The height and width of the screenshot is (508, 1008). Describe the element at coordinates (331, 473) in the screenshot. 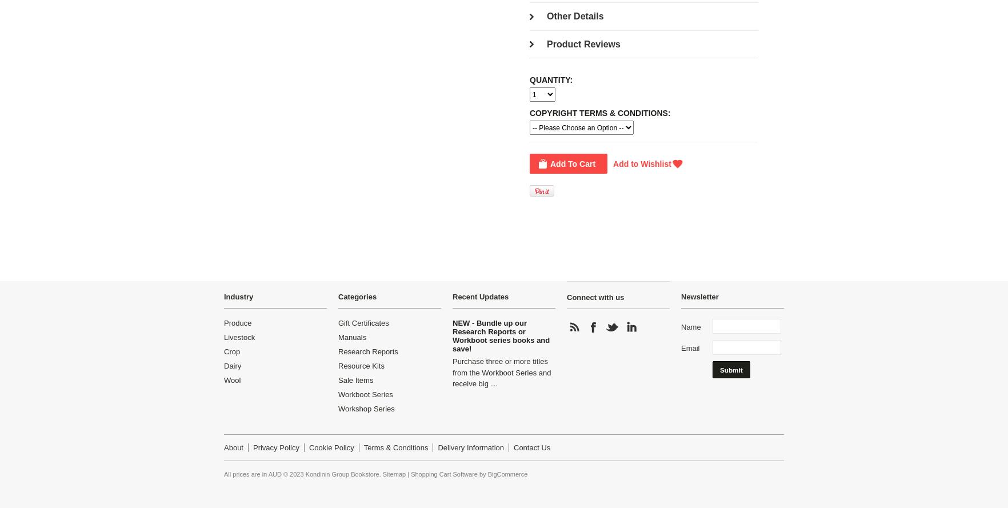

I see `'© 2023 Kondinin Group Bookstore.'` at that location.